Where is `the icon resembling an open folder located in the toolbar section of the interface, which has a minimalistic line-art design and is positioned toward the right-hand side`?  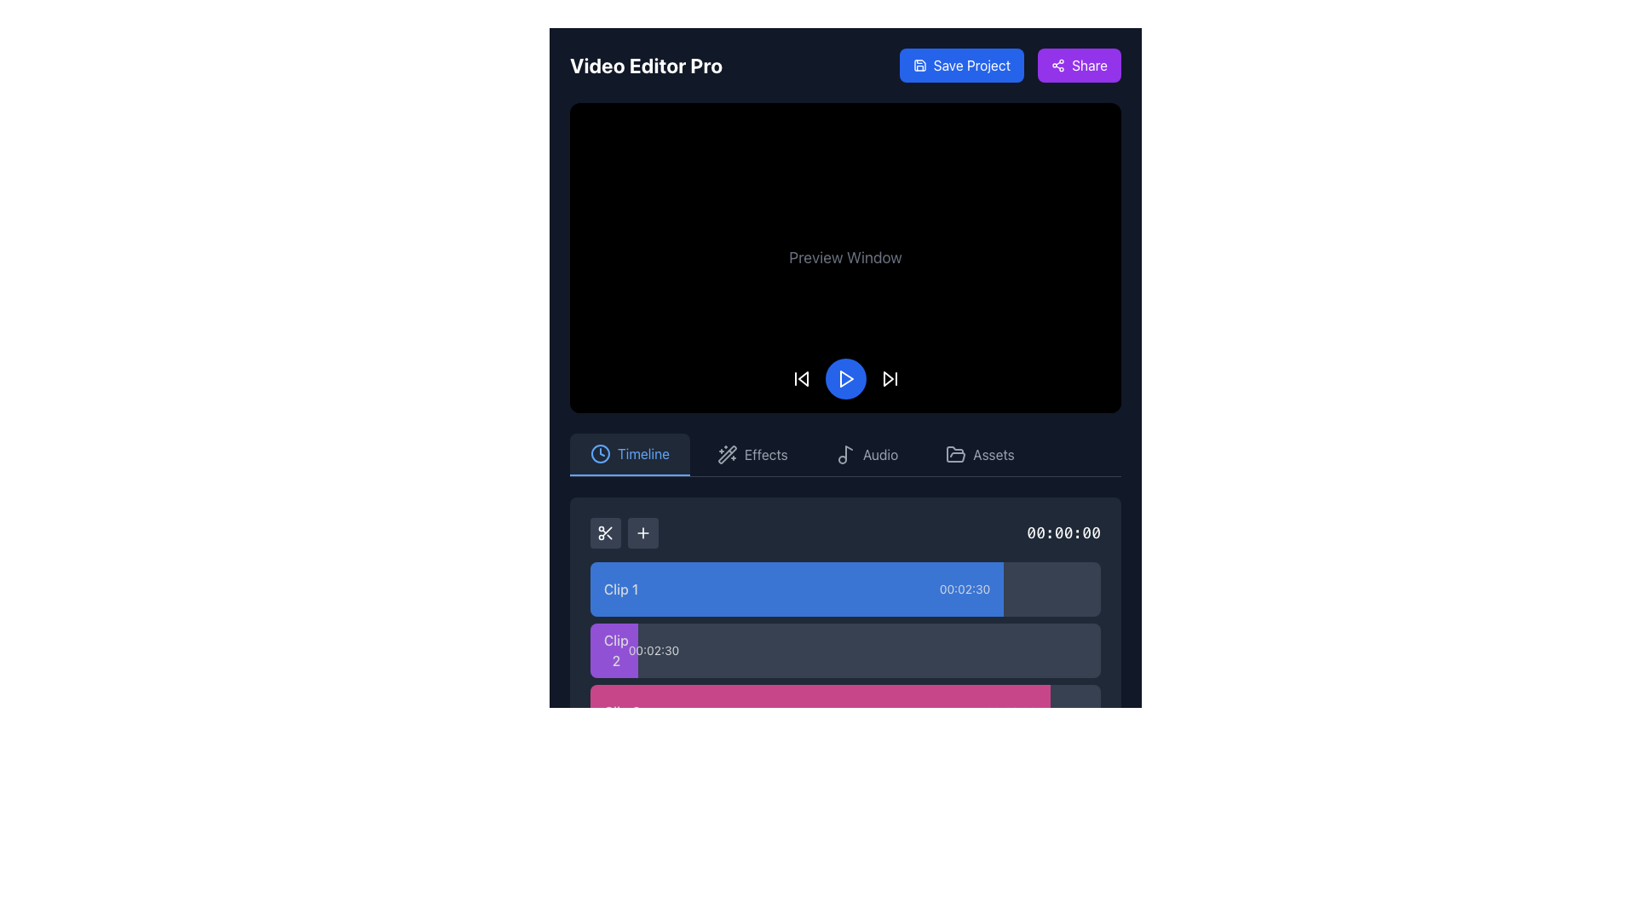 the icon resembling an open folder located in the toolbar section of the interface, which has a minimalistic line-art design and is positioned toward the right-hand side is located at coordinates (956, 453).